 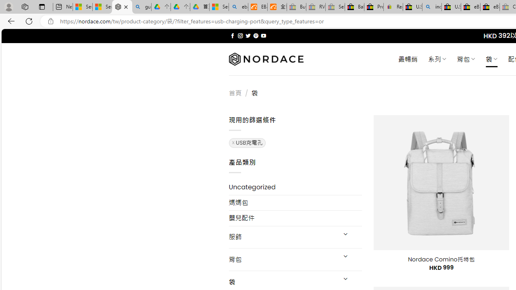 What do you see at coordinates (431, 7) in the screenshot?
I see `'including - Search'` at bounding box center [431, 7].